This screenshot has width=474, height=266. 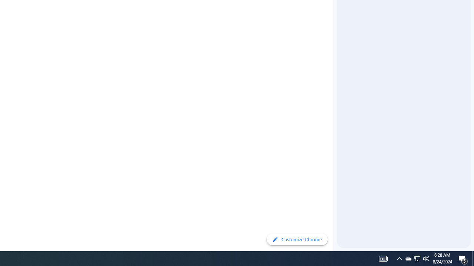 What do you see at coordinates (335, 14) in the screenshot?
I see `'Side Panel Resize Handle'` at bounding box center [335, 14].